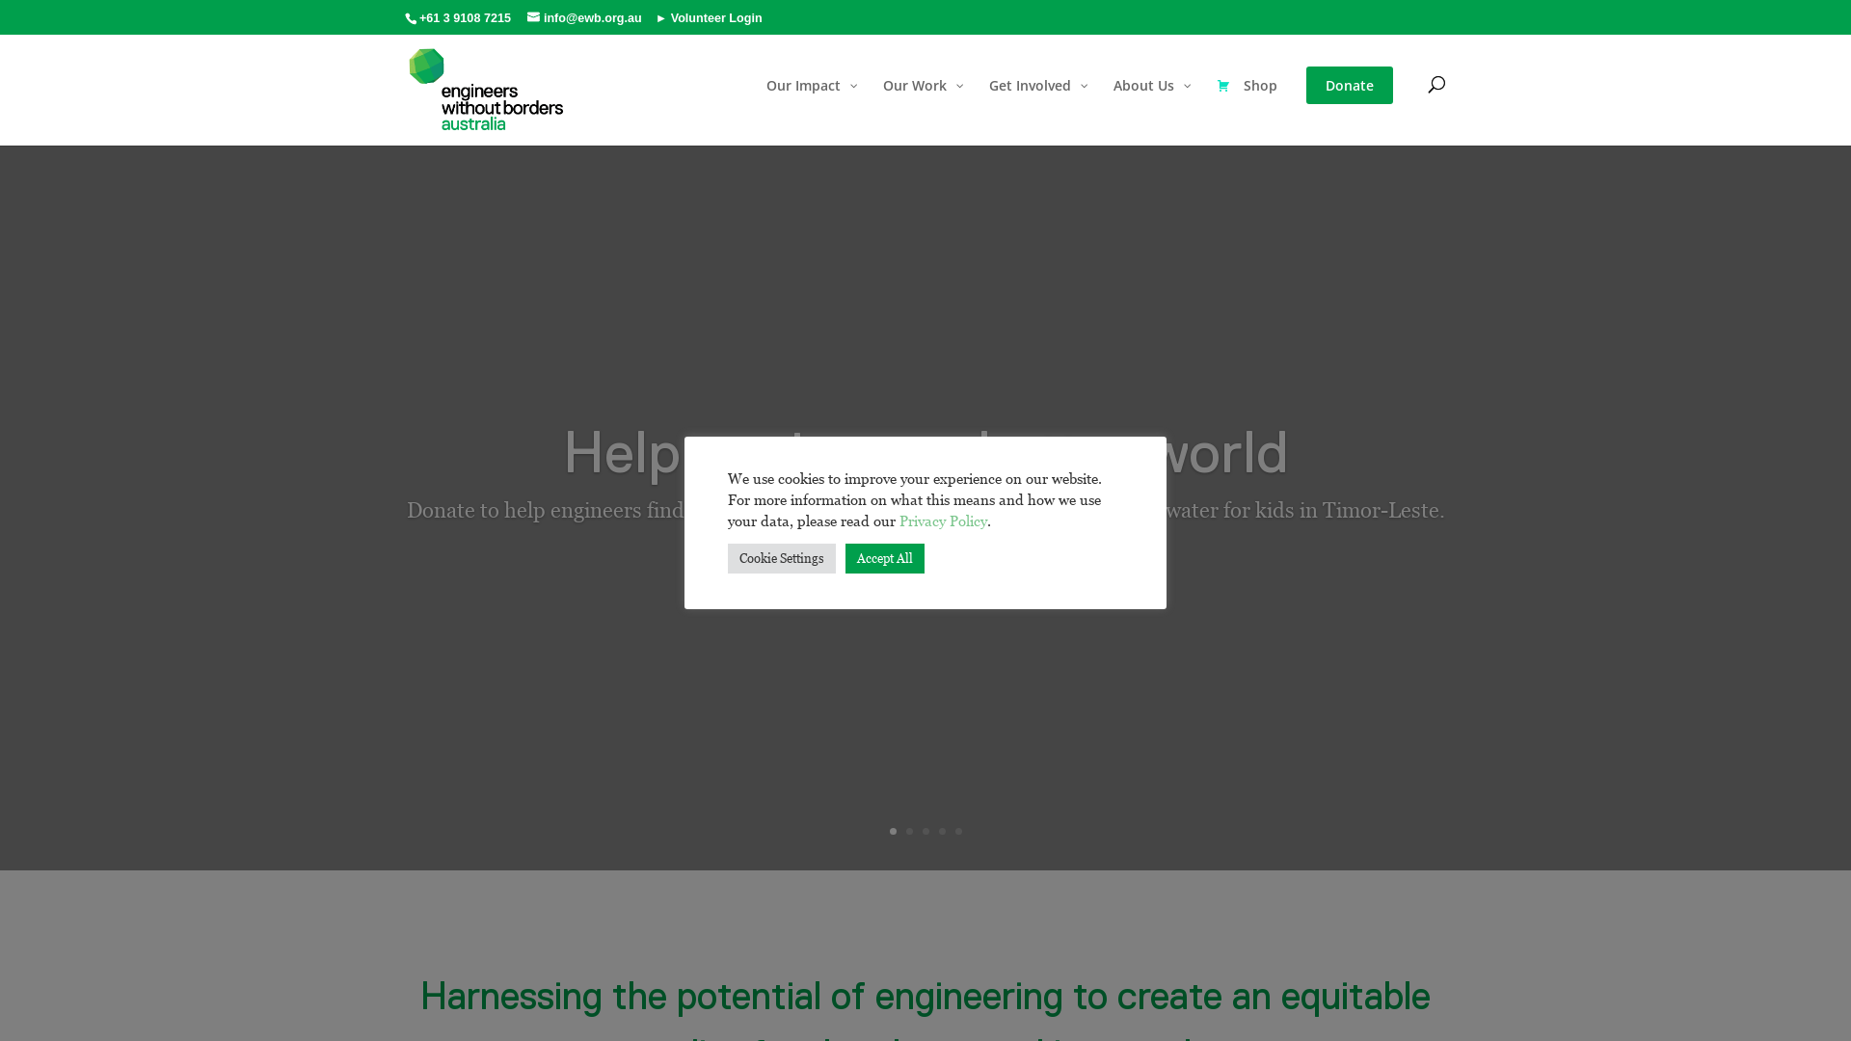 This screenshot has width=1851, height=1041. I want to click on 'Get Involved', so click(1035, 106).